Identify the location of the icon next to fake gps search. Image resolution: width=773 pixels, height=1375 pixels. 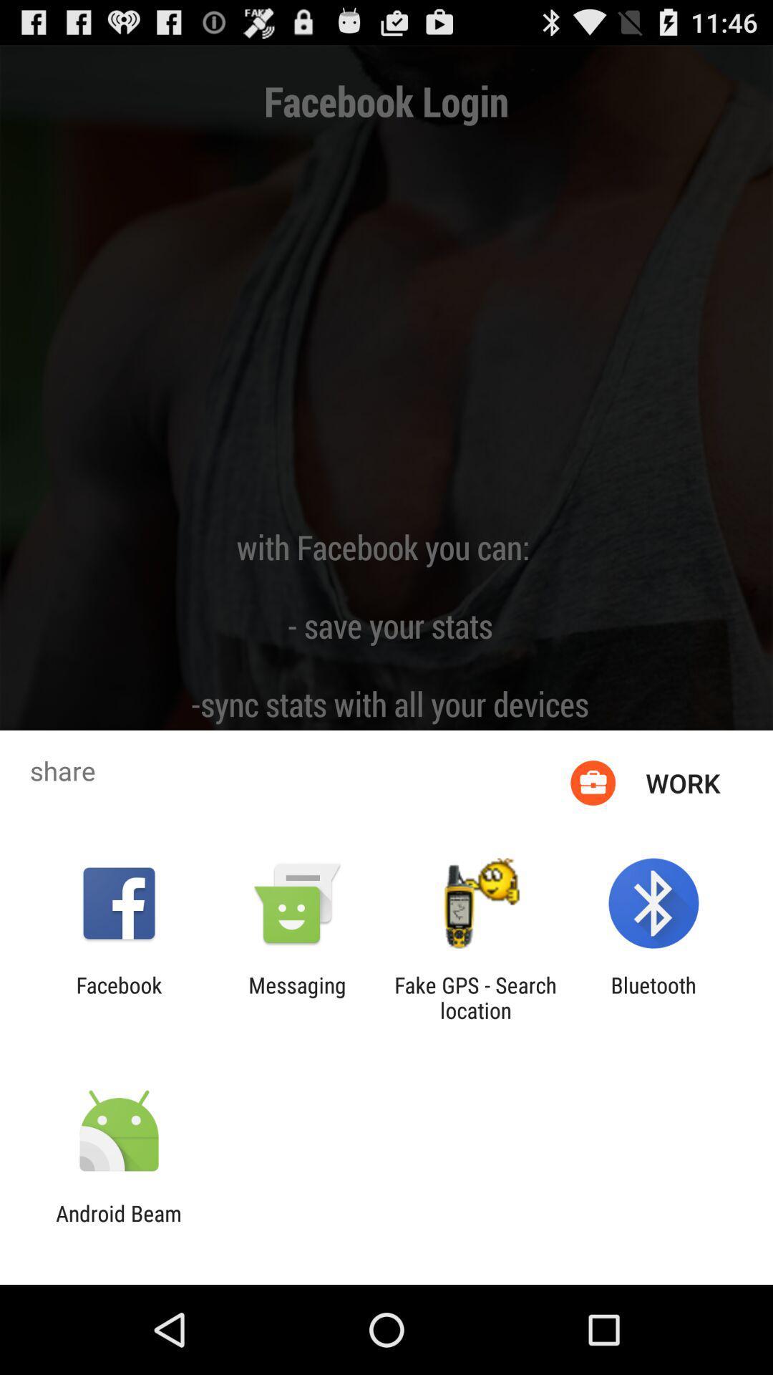
(296, 997).